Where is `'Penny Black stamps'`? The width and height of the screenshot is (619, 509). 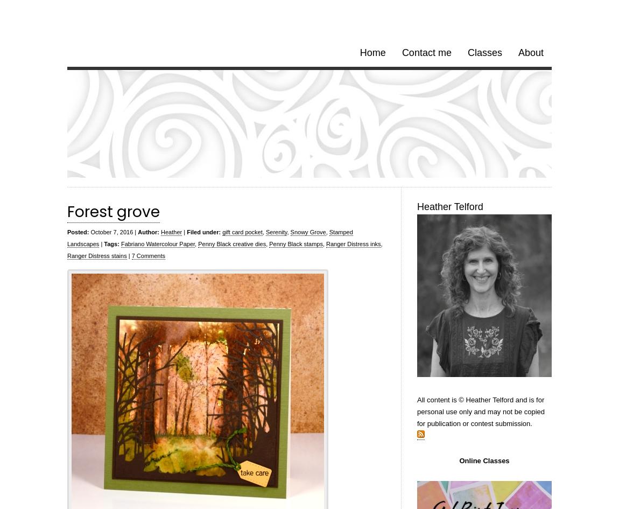
'Penny Black stamps' is located at coordinates (296, 244).